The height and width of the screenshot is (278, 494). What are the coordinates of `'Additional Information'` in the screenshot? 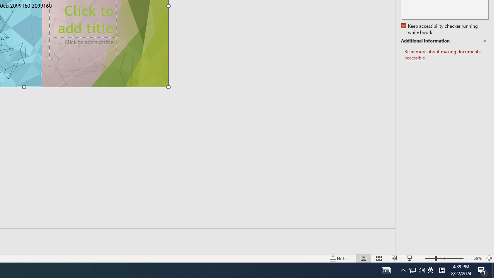 It's located at (445, 41).